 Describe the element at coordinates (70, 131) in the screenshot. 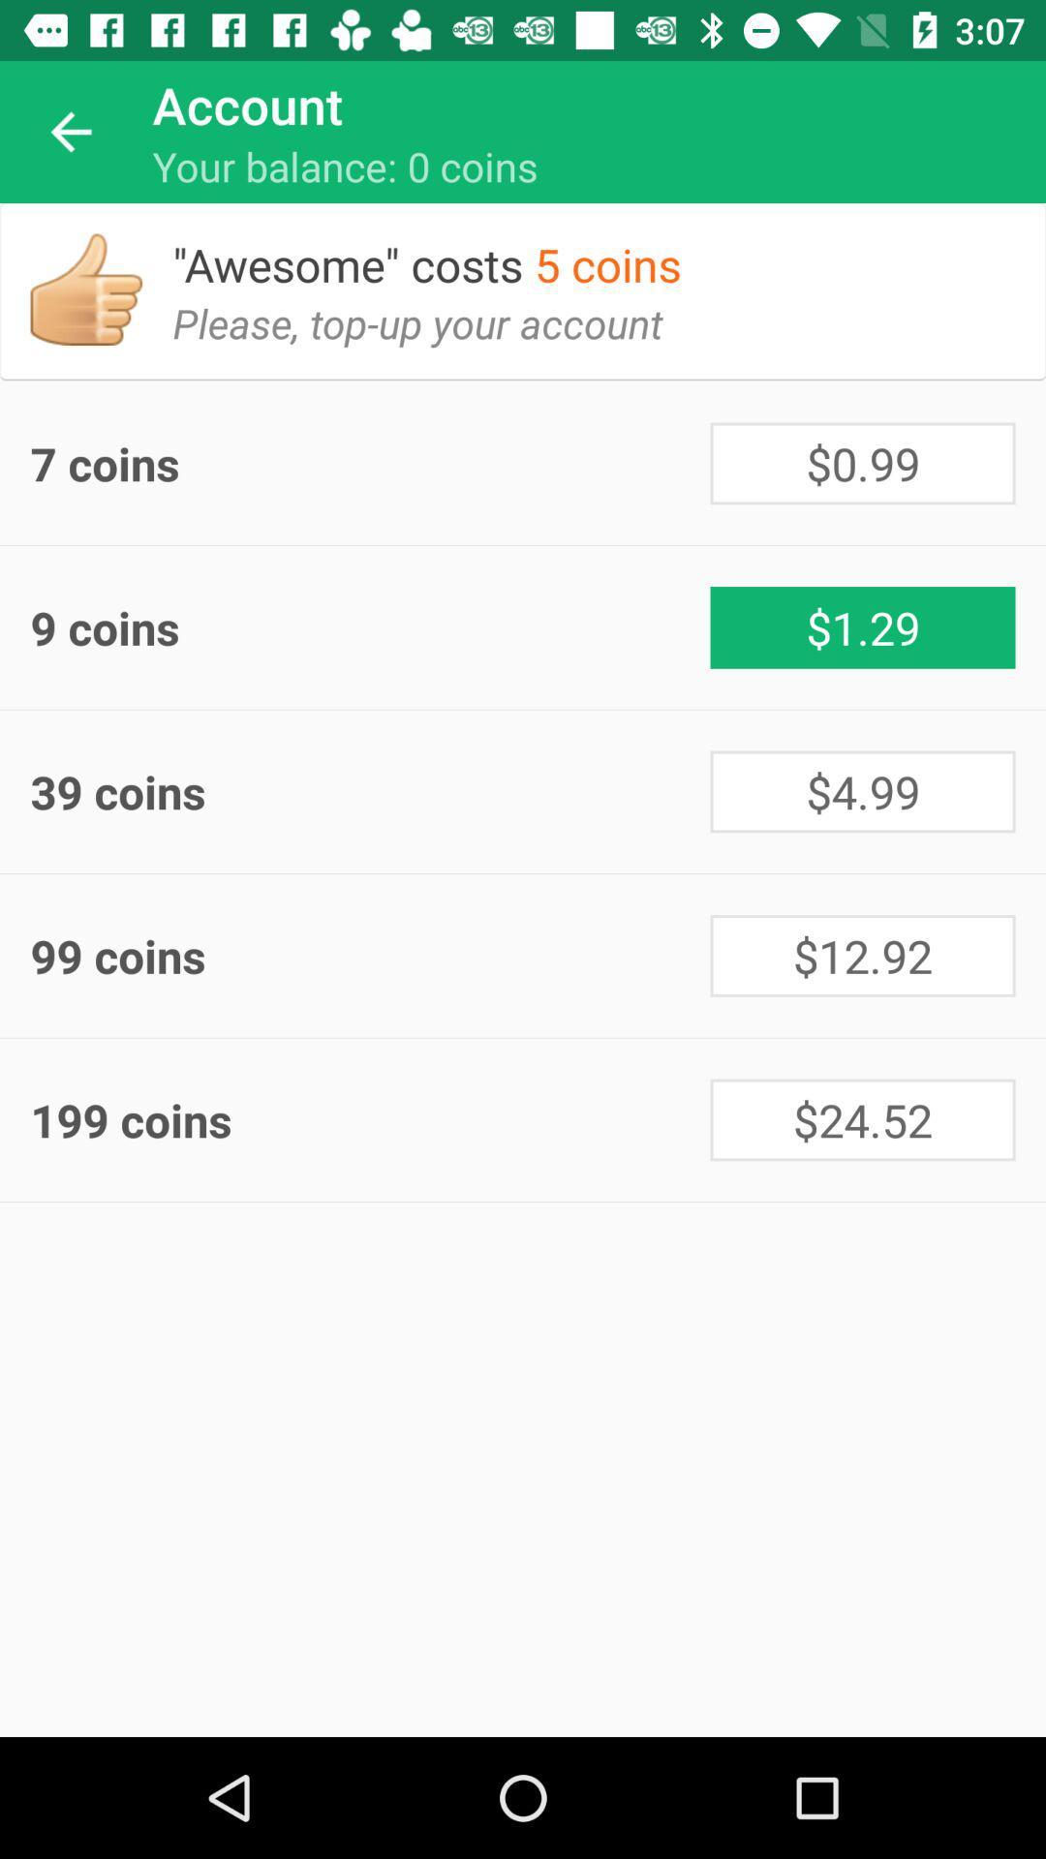

I see `icon to the left of account icon` at that location.